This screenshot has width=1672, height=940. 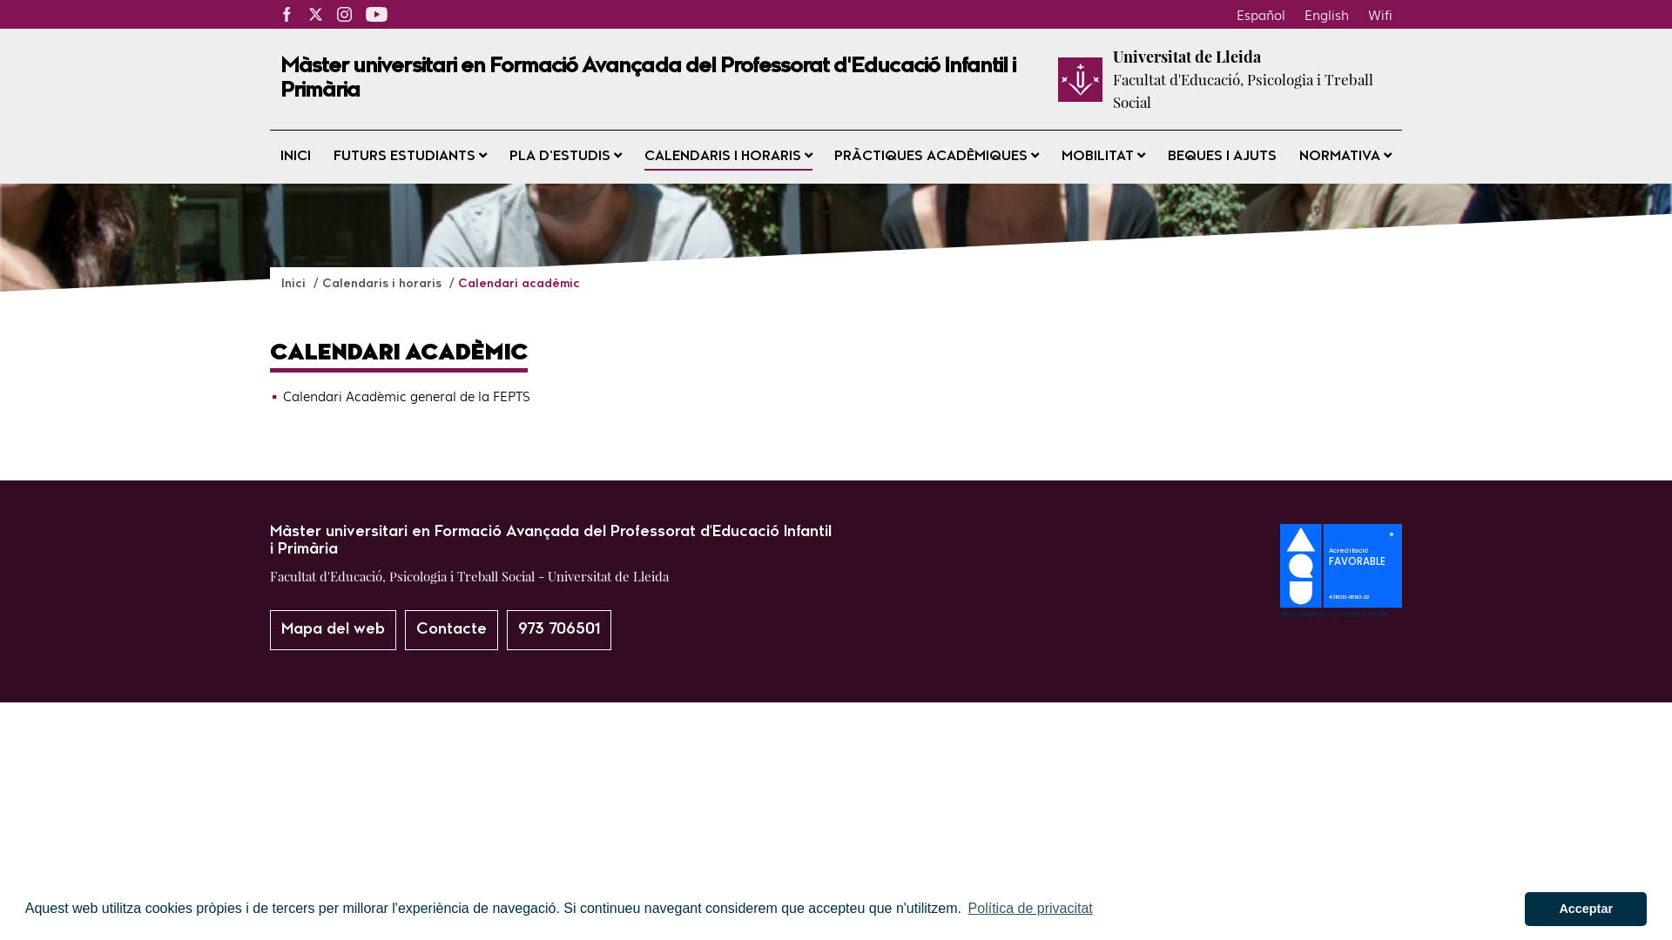 I want to click on 'BEQUES I AJUTS', so click(x=1221, y=157).